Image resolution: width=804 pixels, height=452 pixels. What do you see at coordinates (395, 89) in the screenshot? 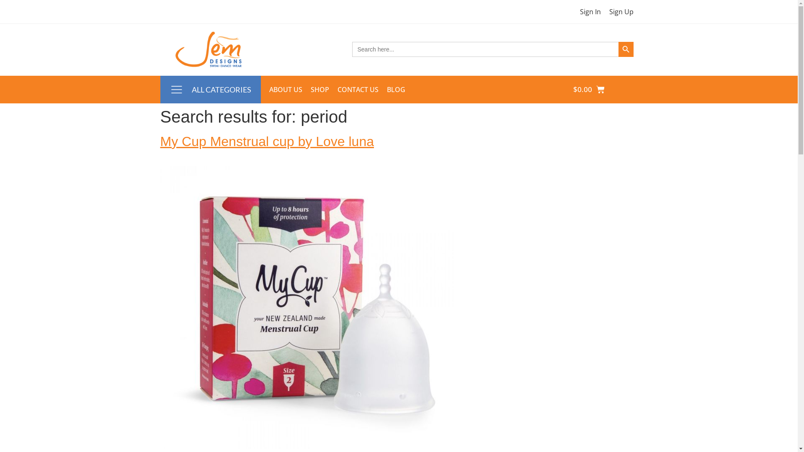
I see `'BLOG'` at bounding box center [395, 89].